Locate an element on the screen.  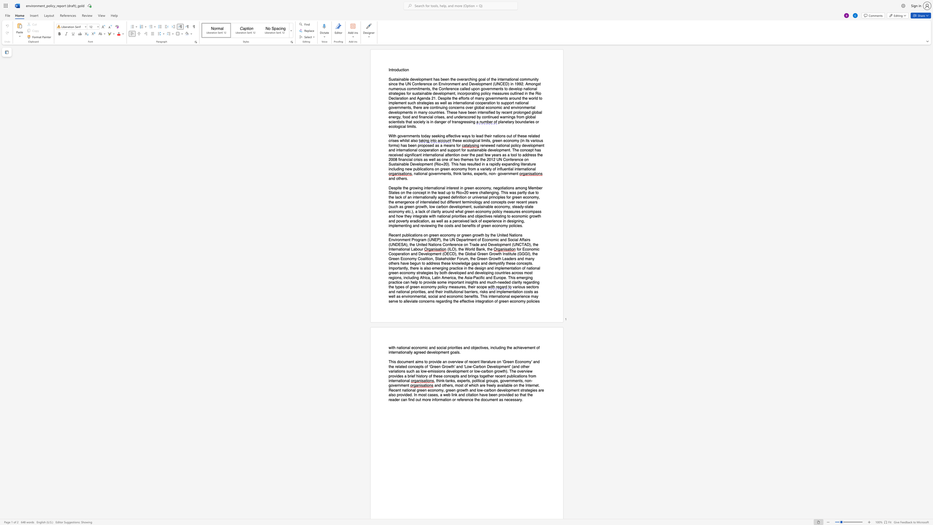
the subset text "l priori" within the text "with national economic and social priorities and" is located at coordinates (445, 347).